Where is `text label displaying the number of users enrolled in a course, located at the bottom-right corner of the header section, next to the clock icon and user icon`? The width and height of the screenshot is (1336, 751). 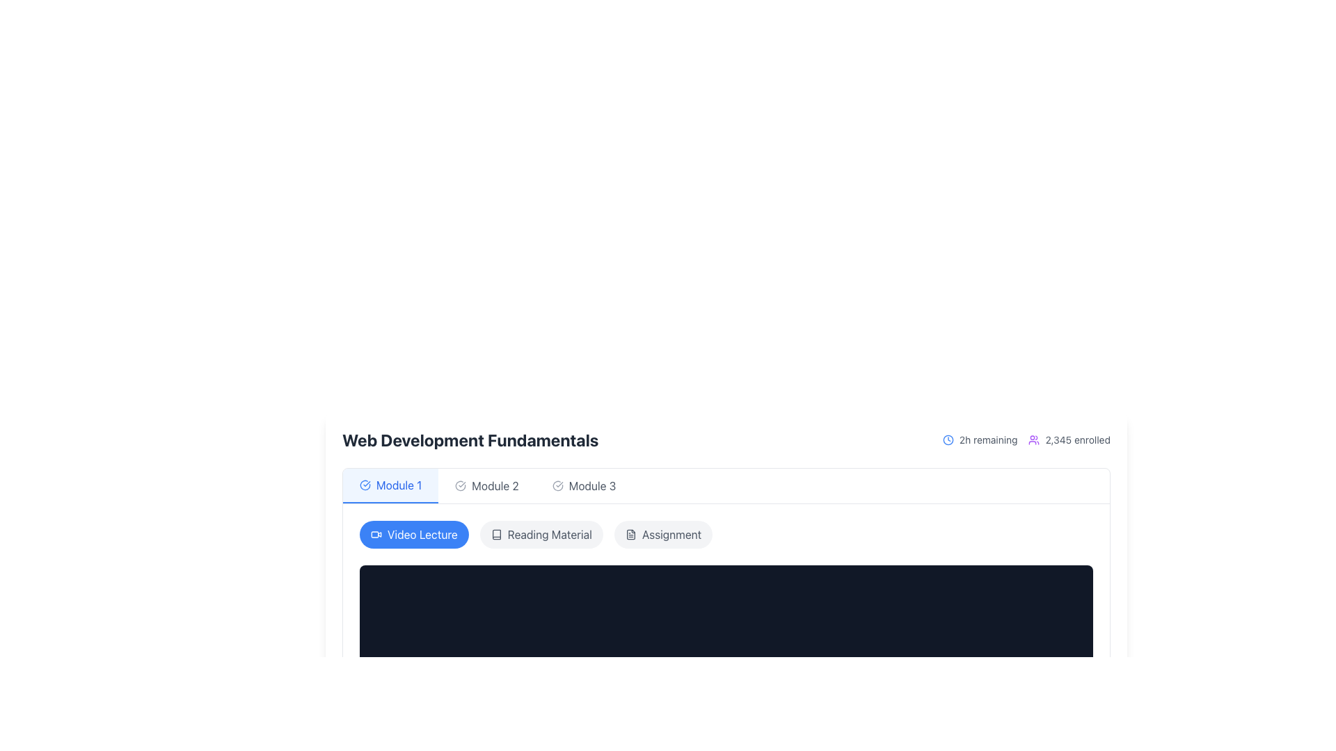 text label displaying the number of users enrolled in a course, located at the bottom-right corner of the header section, next to the clock icon and user icon is located at coordinates (1077, 439).